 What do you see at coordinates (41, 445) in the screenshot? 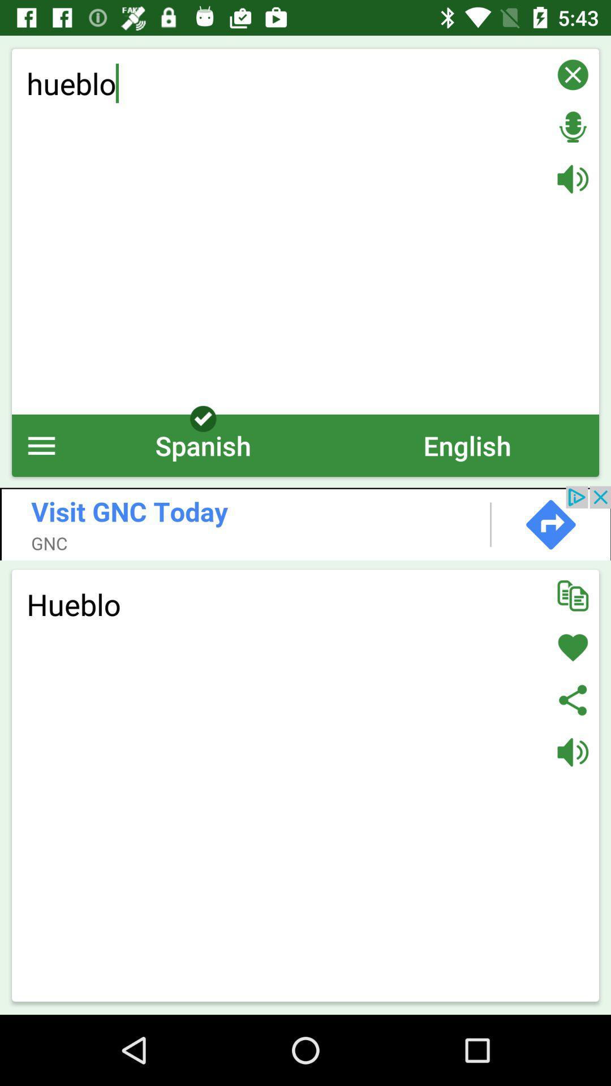
I see `the icon next to spanish icon` at bounding box center [41, 445].